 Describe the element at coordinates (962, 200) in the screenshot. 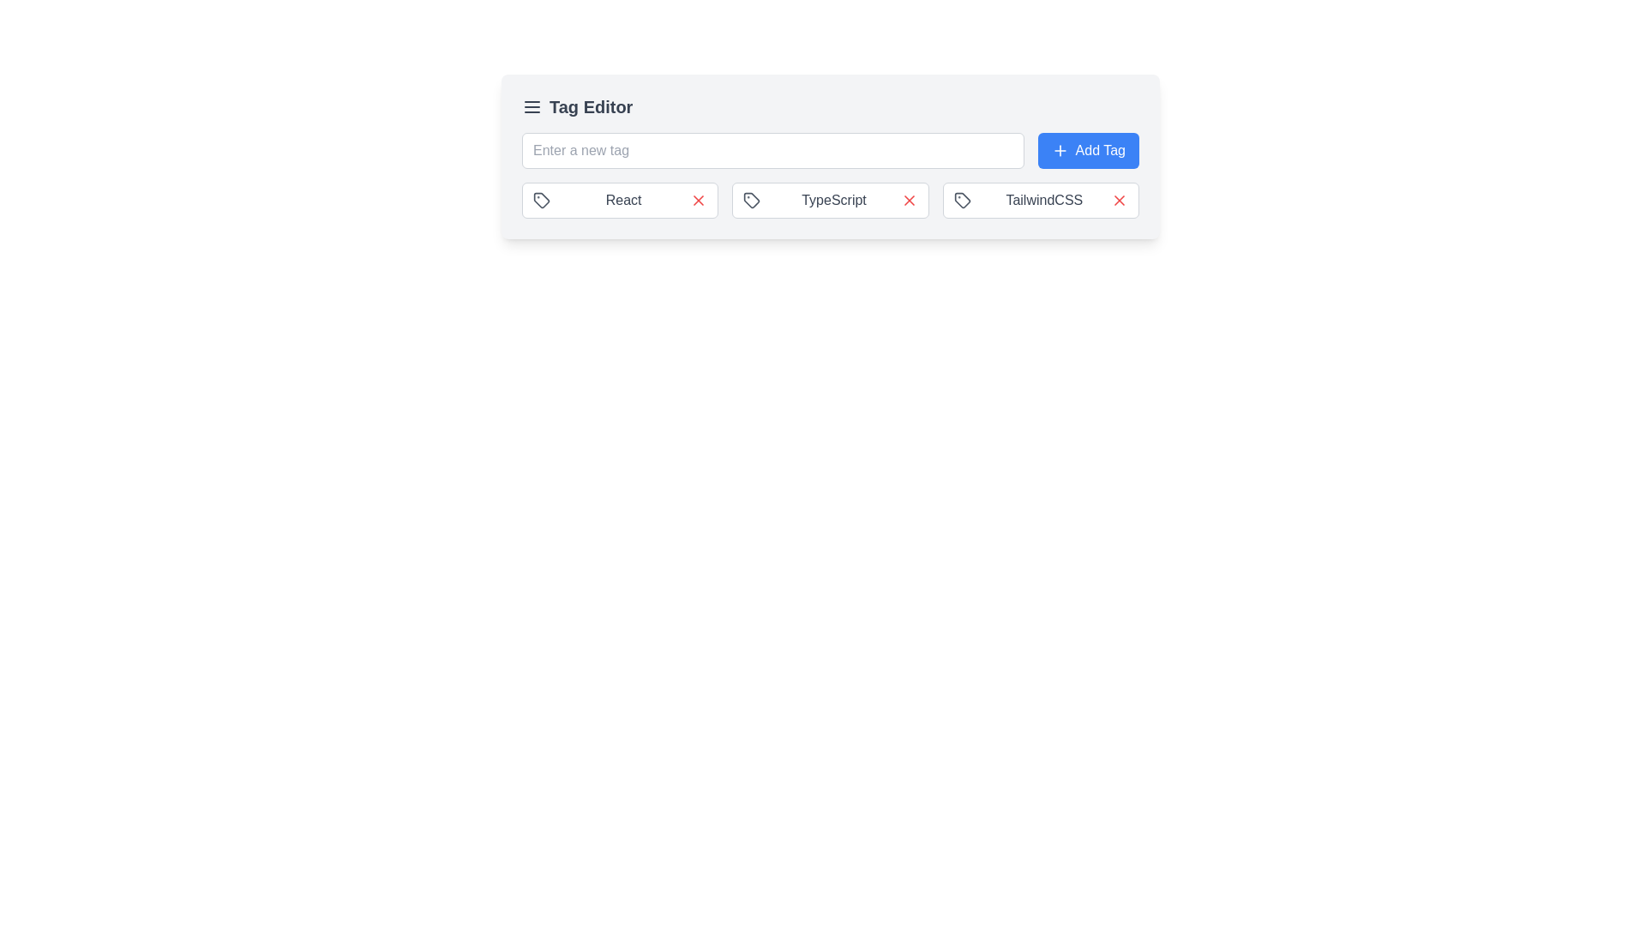

I see `the tag icon located to the left of the 'TailwindCSS' text` at that location.